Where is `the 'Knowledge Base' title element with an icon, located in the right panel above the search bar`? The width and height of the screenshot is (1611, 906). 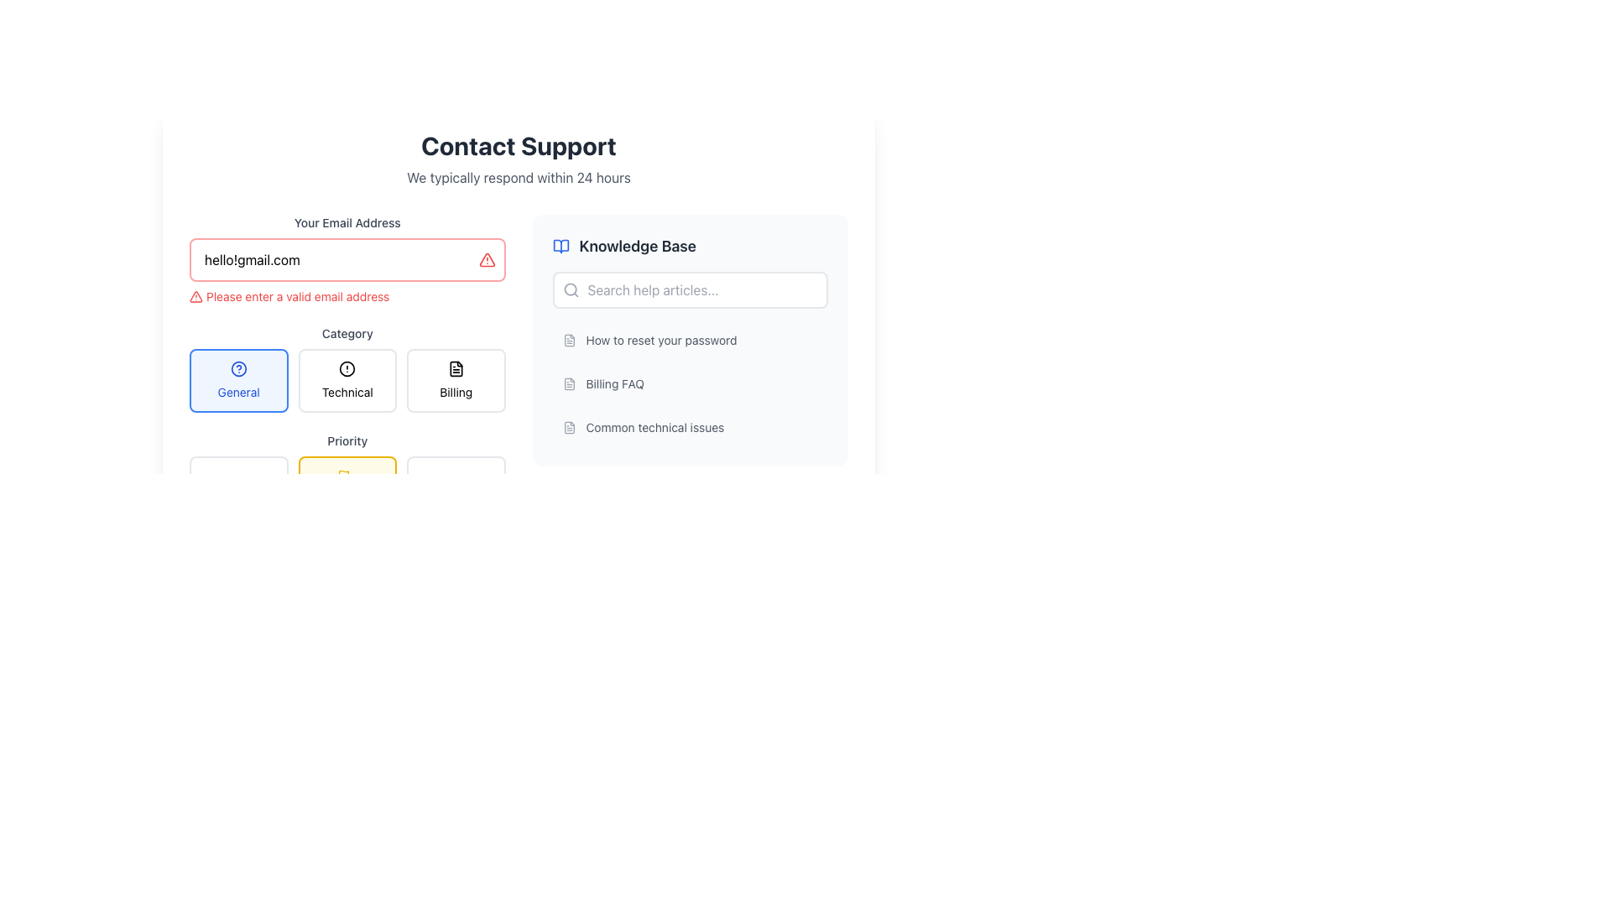 the 'Knowledge Base' title element with an icon, located in the right panel above the search bar is located at coordinates (690, 246).